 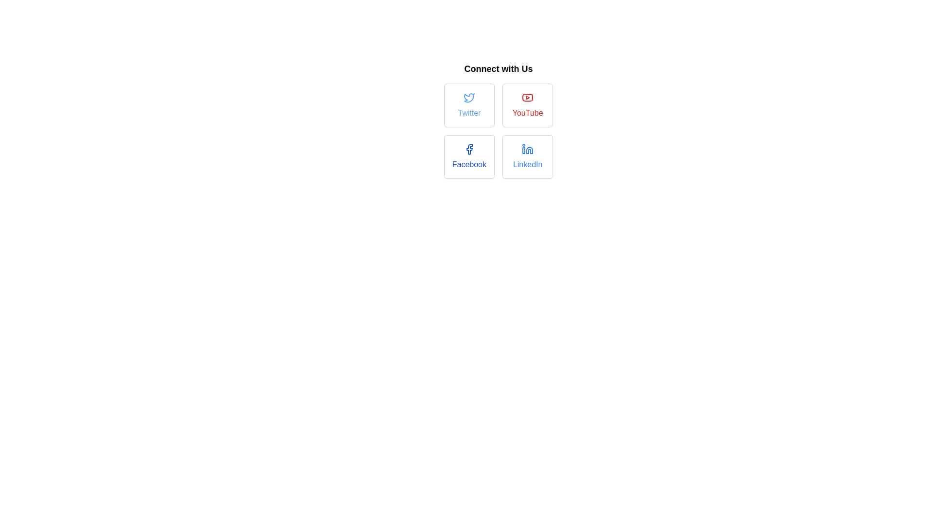 I want to click on the YouTube button, which is a rectangular button with rounded corners, a red YouTube icon, and a label that reads 'YouTube' in red text, so click(x=527, y=105).